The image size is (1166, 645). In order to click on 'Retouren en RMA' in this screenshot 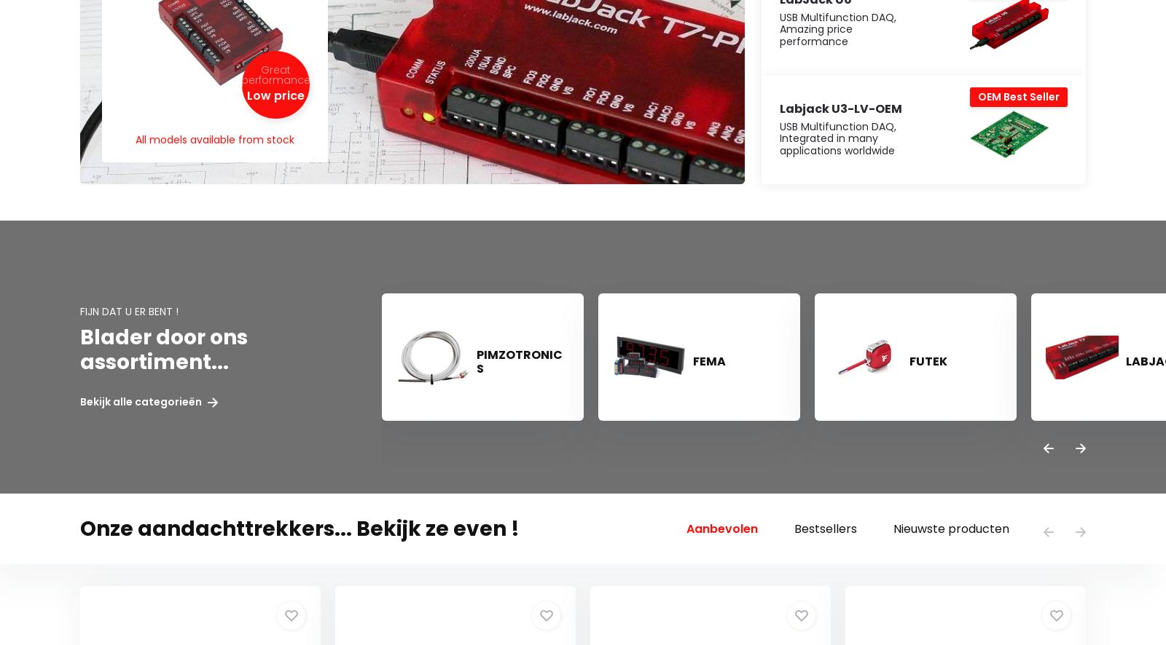, I will do `click(122, 487)`.